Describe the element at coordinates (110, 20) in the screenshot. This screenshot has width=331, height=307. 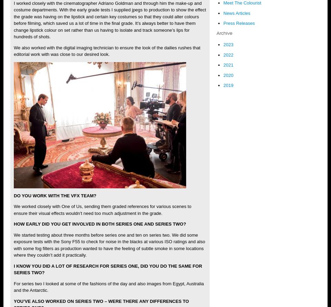
I see `'I worked closely with the cinematographer Adriano Goldman and through him the make-up and costume departments. With the early grade tests I supplied jpegs to production to show the effect the grade was having on the lipstick and certain key costumes so that they could alter colours before filming, which saved us a lot of time in the final grade. It’s always better to have them change lipstick colour on set rather than us having to isolate and track someone’s lips for hundreds of shots.'` at that location.